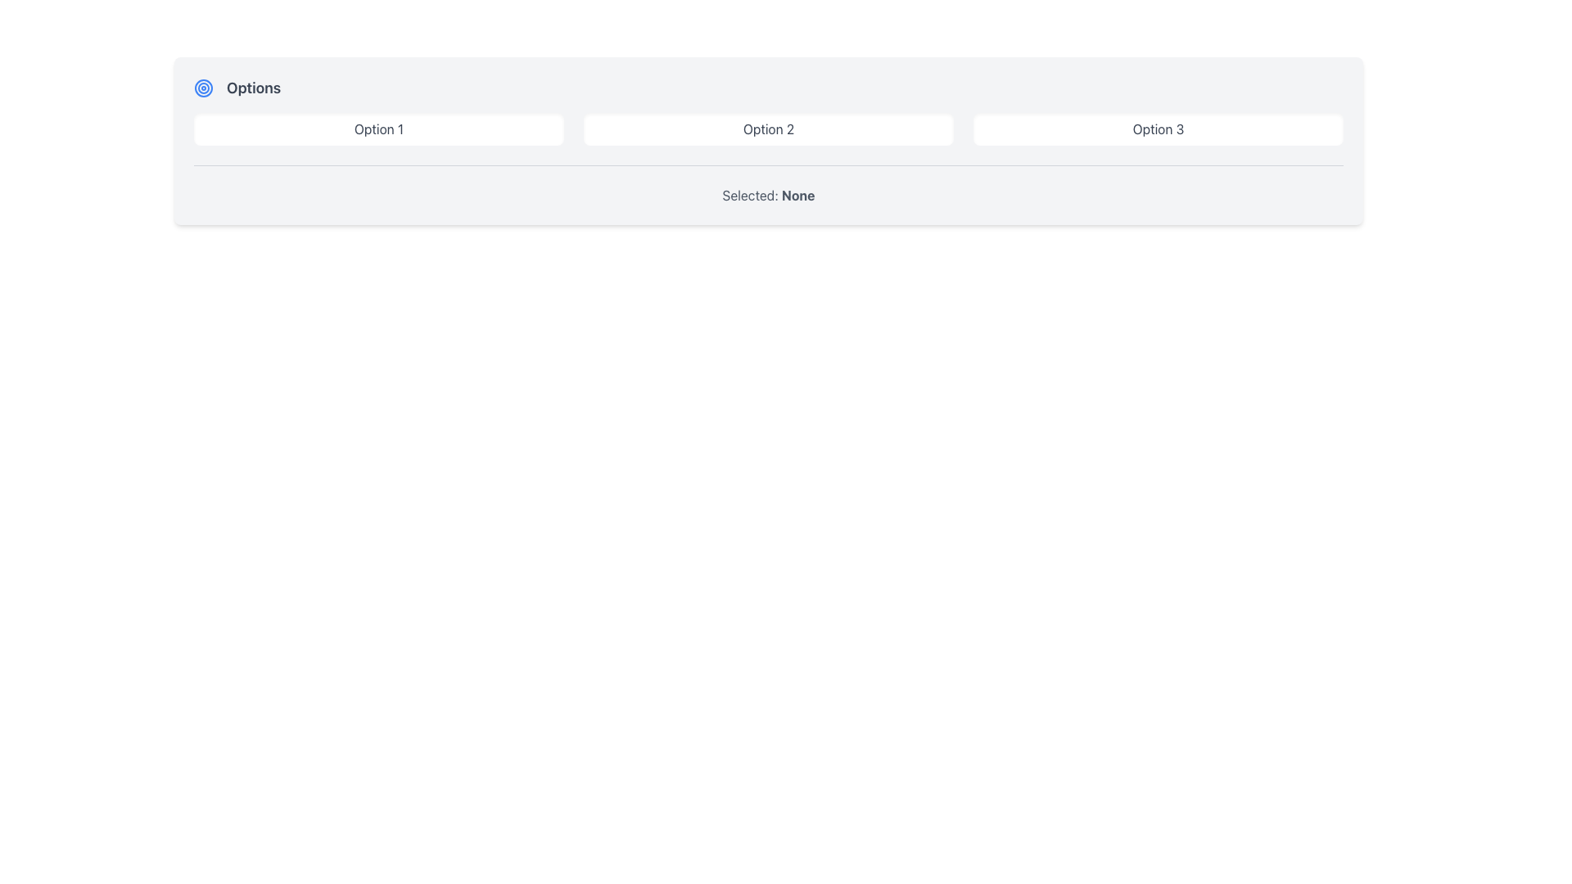 Image resolution: width=1572 pixels, height=884 pixels. What do you see at coordinates (377, 129) in the screenshot?
I see `the 'Option 1' button-like selector, which has a white background, rounded corners, and displays the text 'Option 1' in gray font` at bounding box center [377, 129].